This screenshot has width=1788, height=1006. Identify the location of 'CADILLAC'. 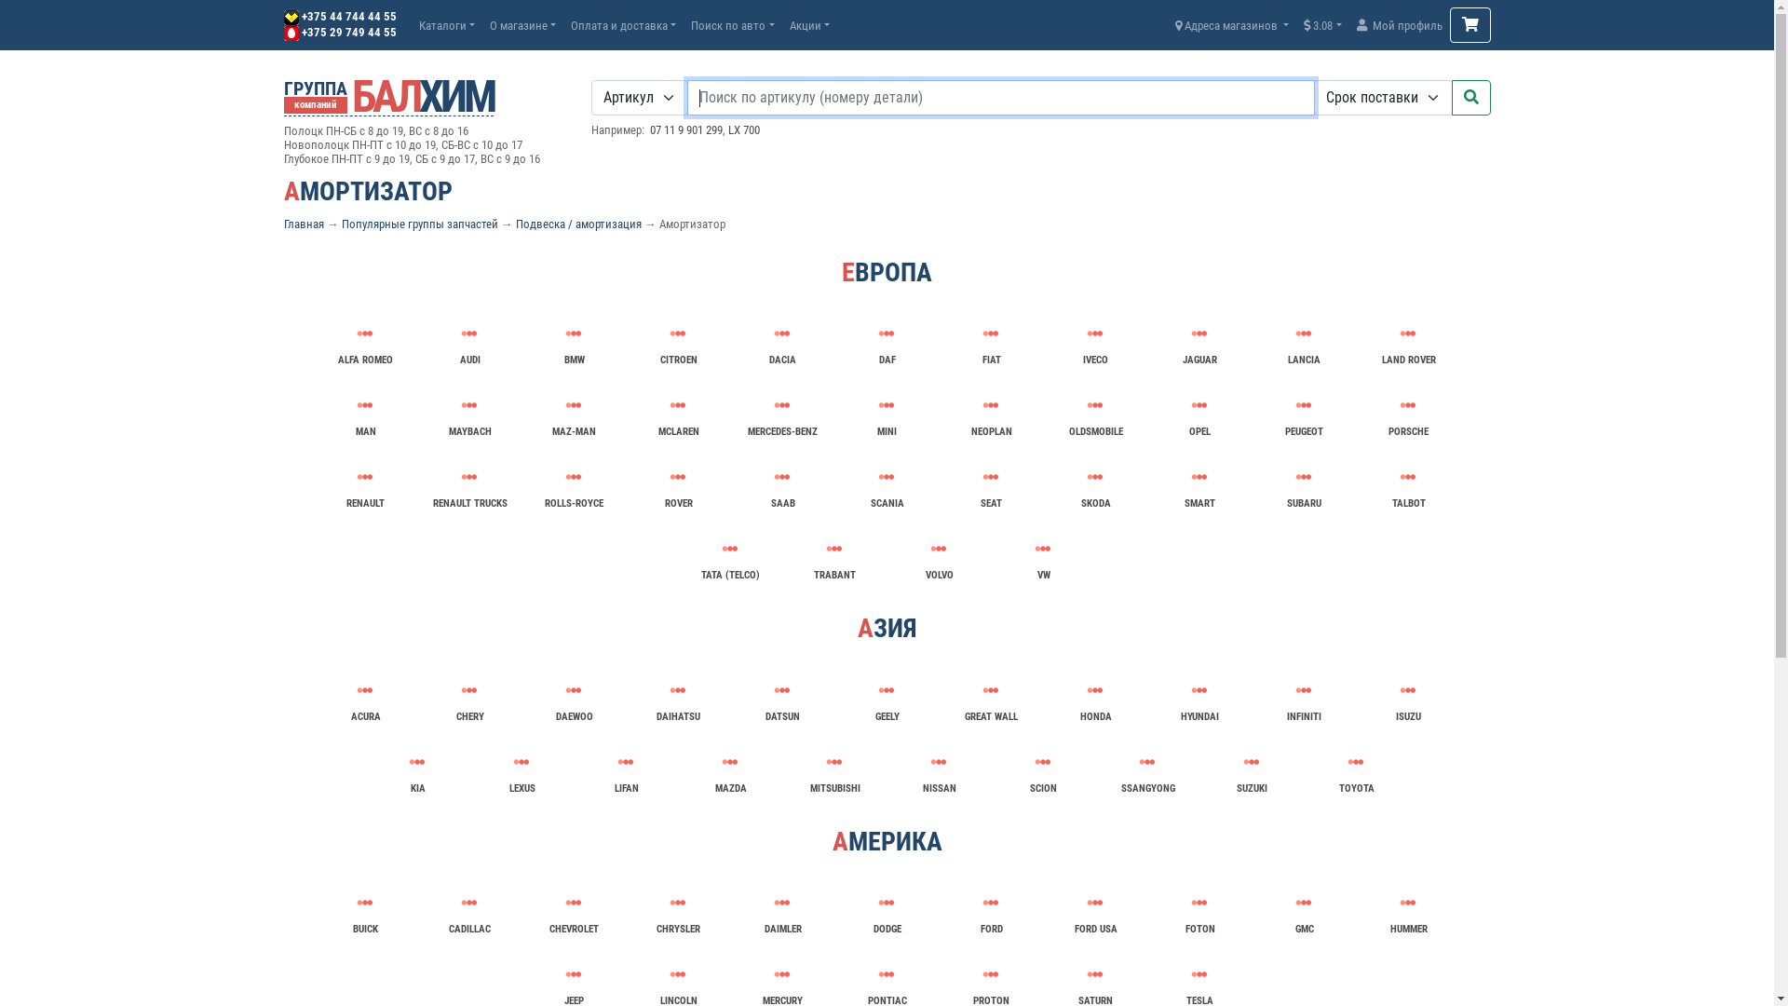
(469, 901).